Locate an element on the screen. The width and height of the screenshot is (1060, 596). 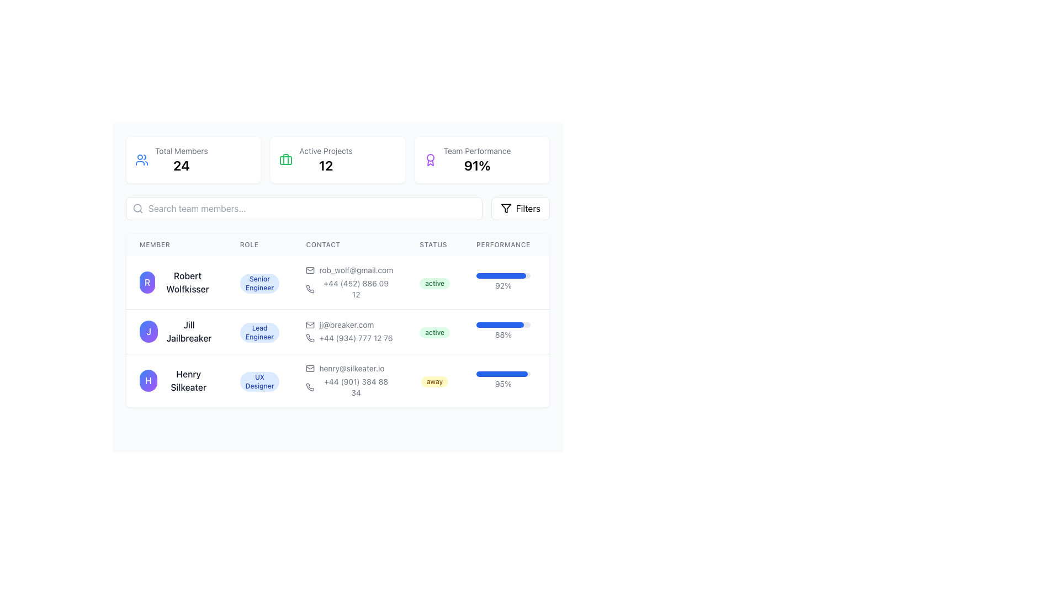
the Information display panel that presents the number of active projects, located centrally between 'Total Members' and 'Team Performance' is located at coordinates (337, 159).